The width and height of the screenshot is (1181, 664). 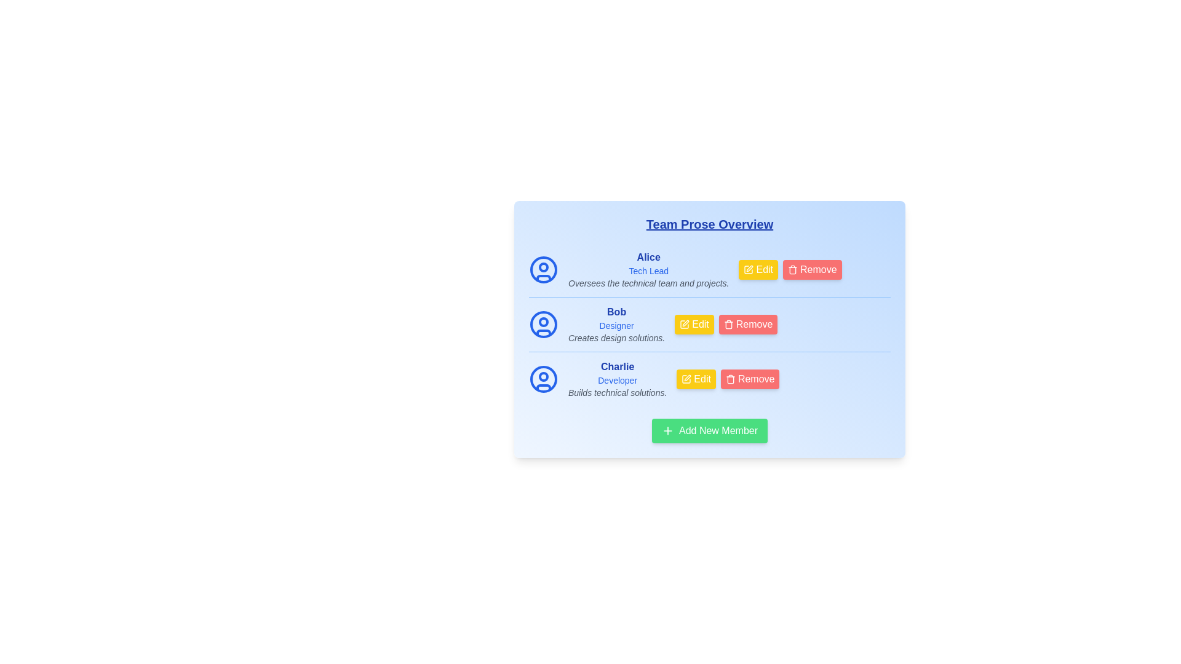 I want to click on the '+' icon with a green background, which is part of the 'Add New Member' button, so click(x=667, y=430).